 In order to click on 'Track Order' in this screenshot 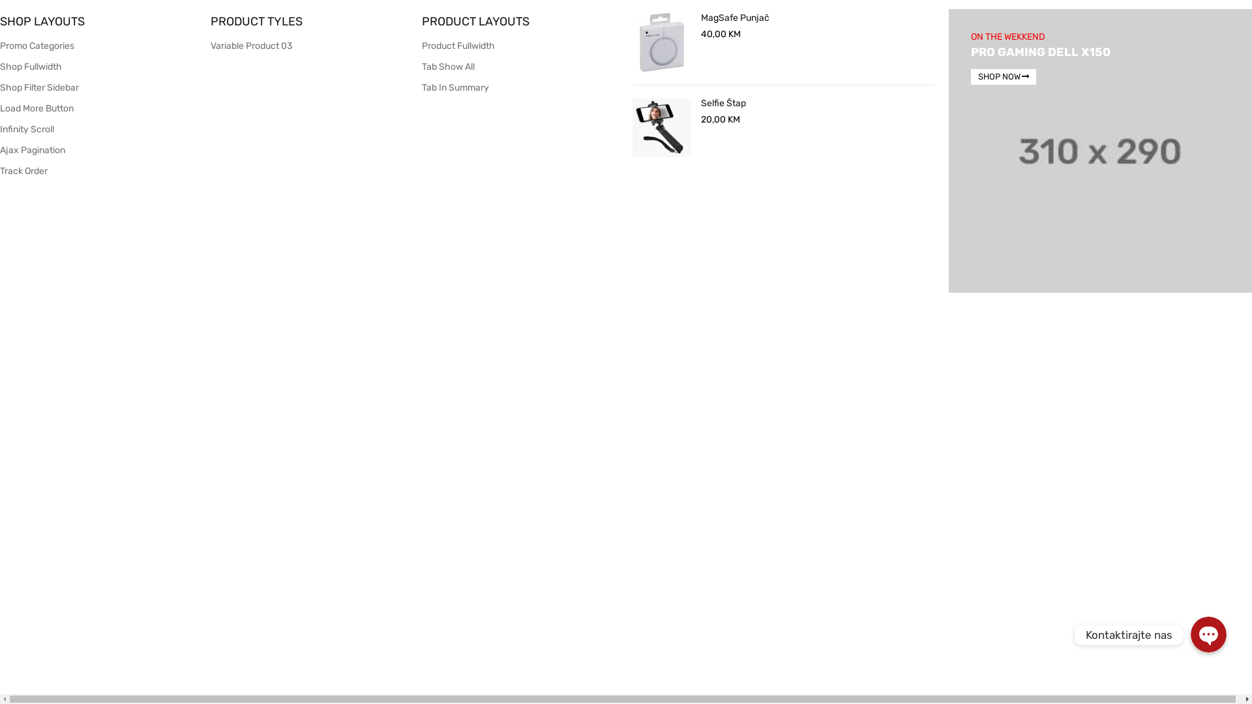, I will do `click(0, 170)`.